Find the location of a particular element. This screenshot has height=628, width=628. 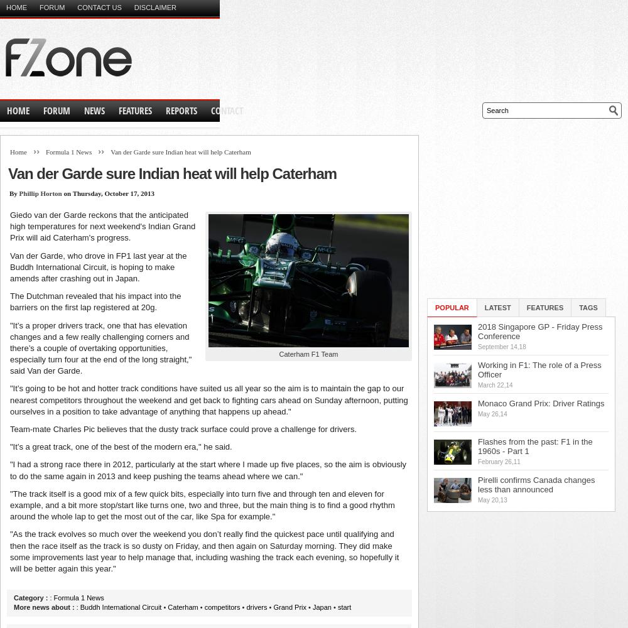

'Team-mate Charles Pic believes that the dusty track surface could prove a challenge for drivers.' is located at coordinates (183, 429).